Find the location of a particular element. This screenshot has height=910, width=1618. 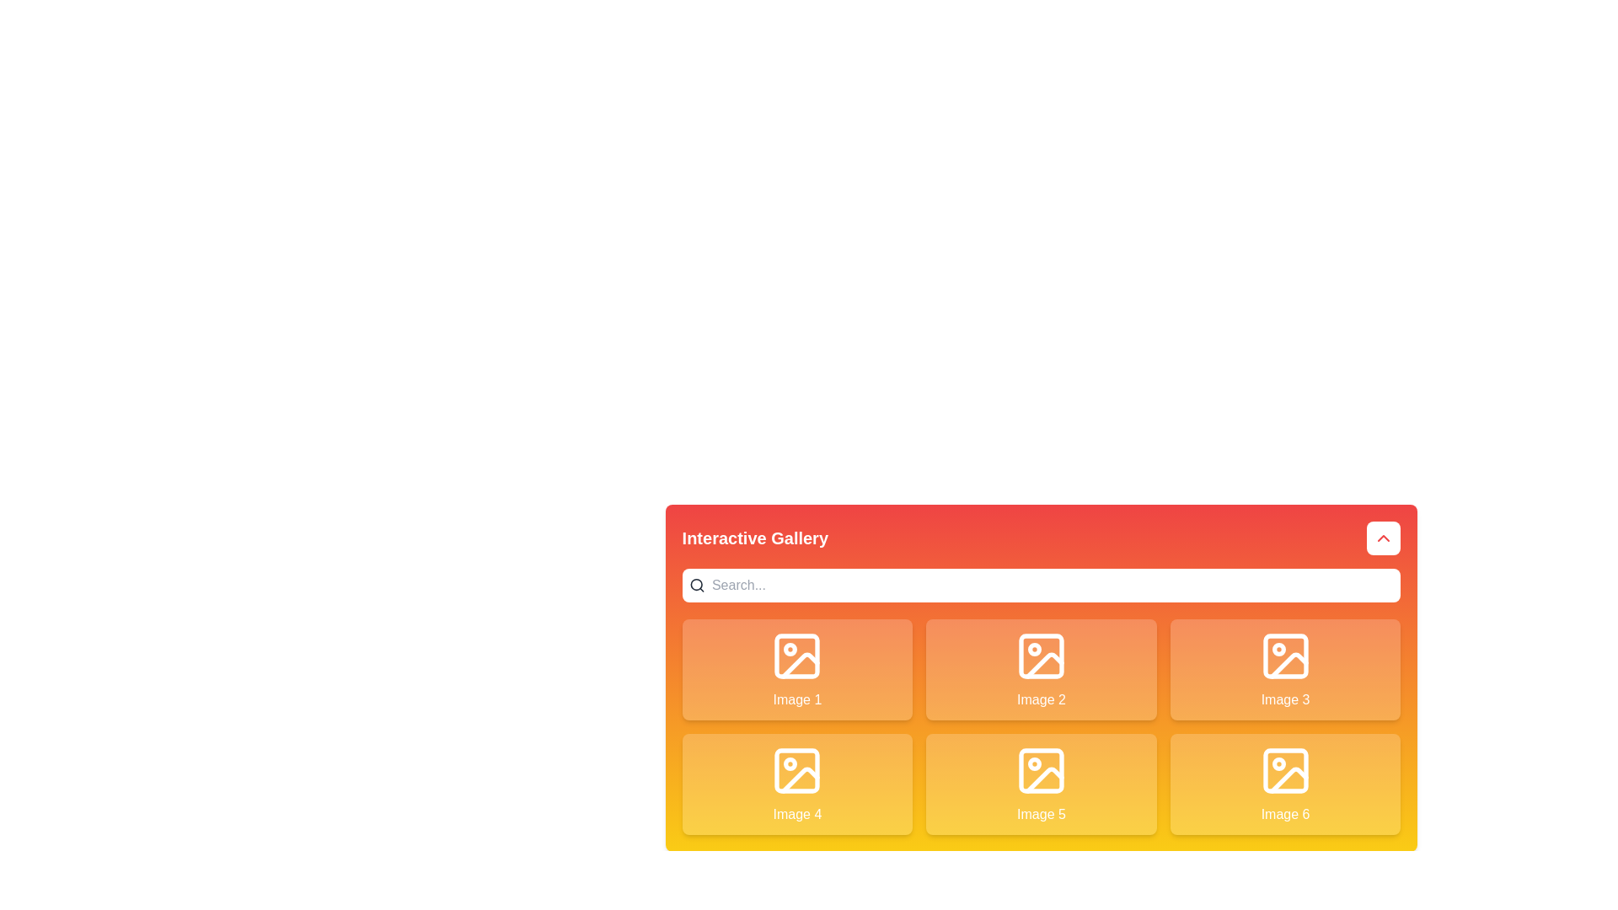

Circle element located inside the SVG image icon of 'Image 3', the third thumbnail in the top row of the grid layout is located at coordinates (1278, 649).